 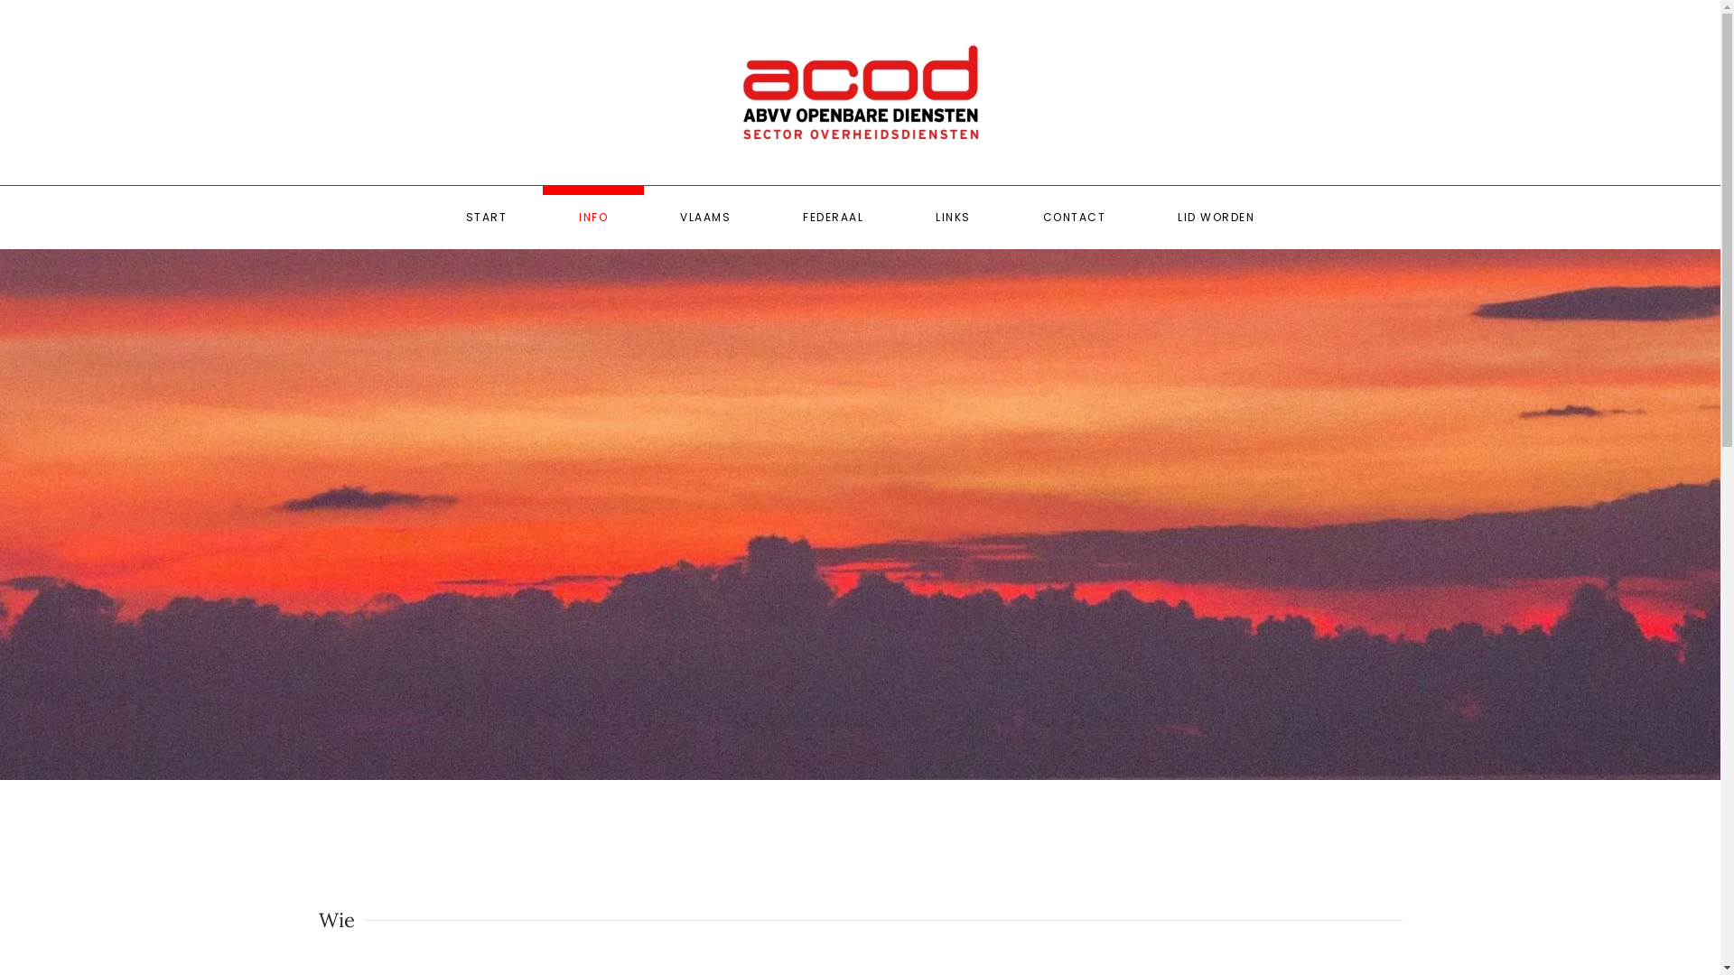 What do you see at coordinates (832, 216) in the screenshot?
I see `'FEDERAAL'` at bounding box center [832, 216].